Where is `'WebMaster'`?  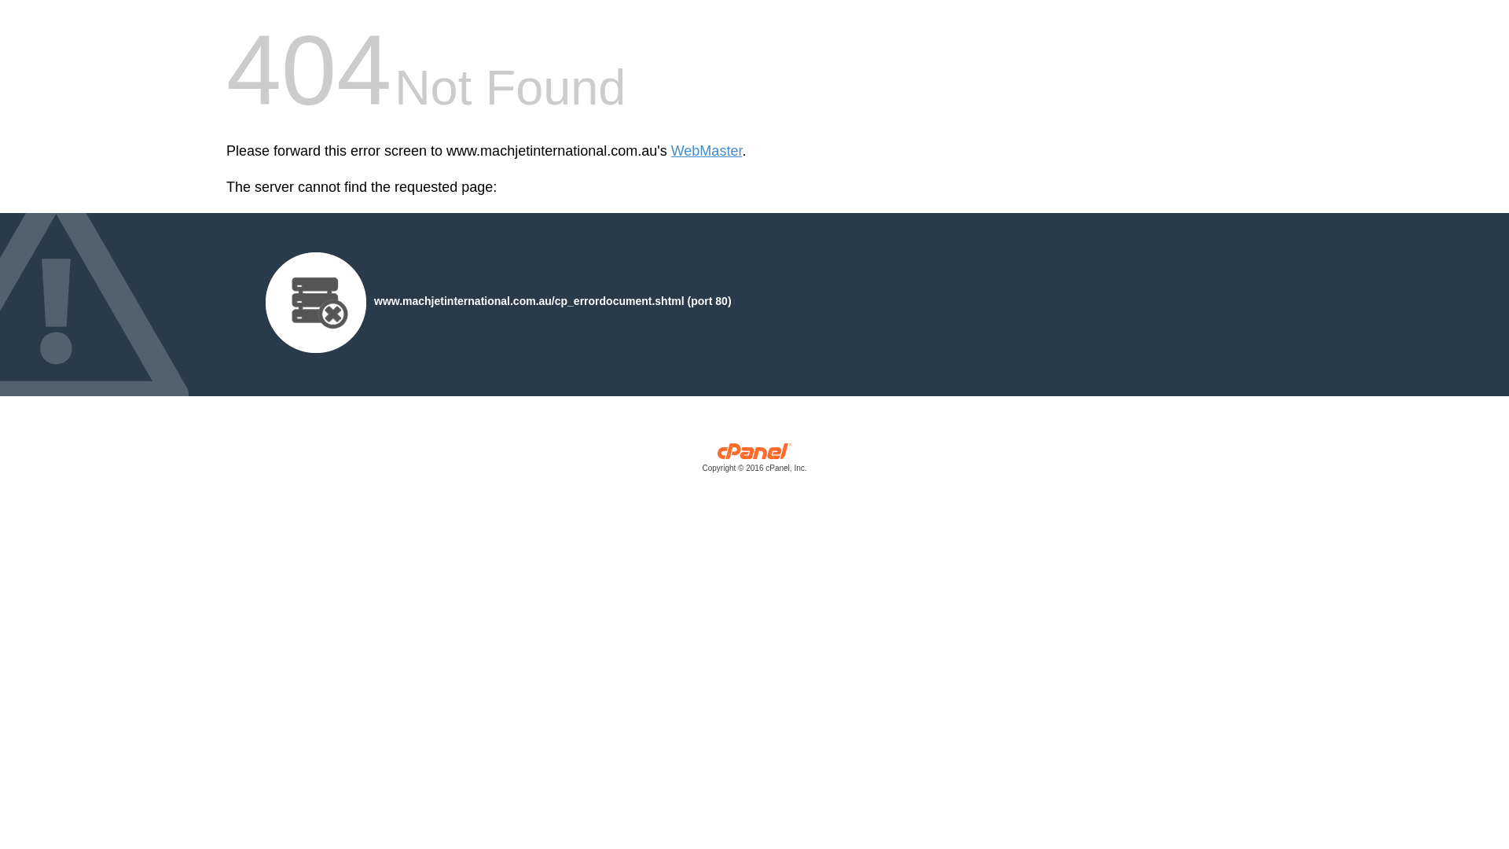
'WebMaster' is located at coordinates (706, 151).